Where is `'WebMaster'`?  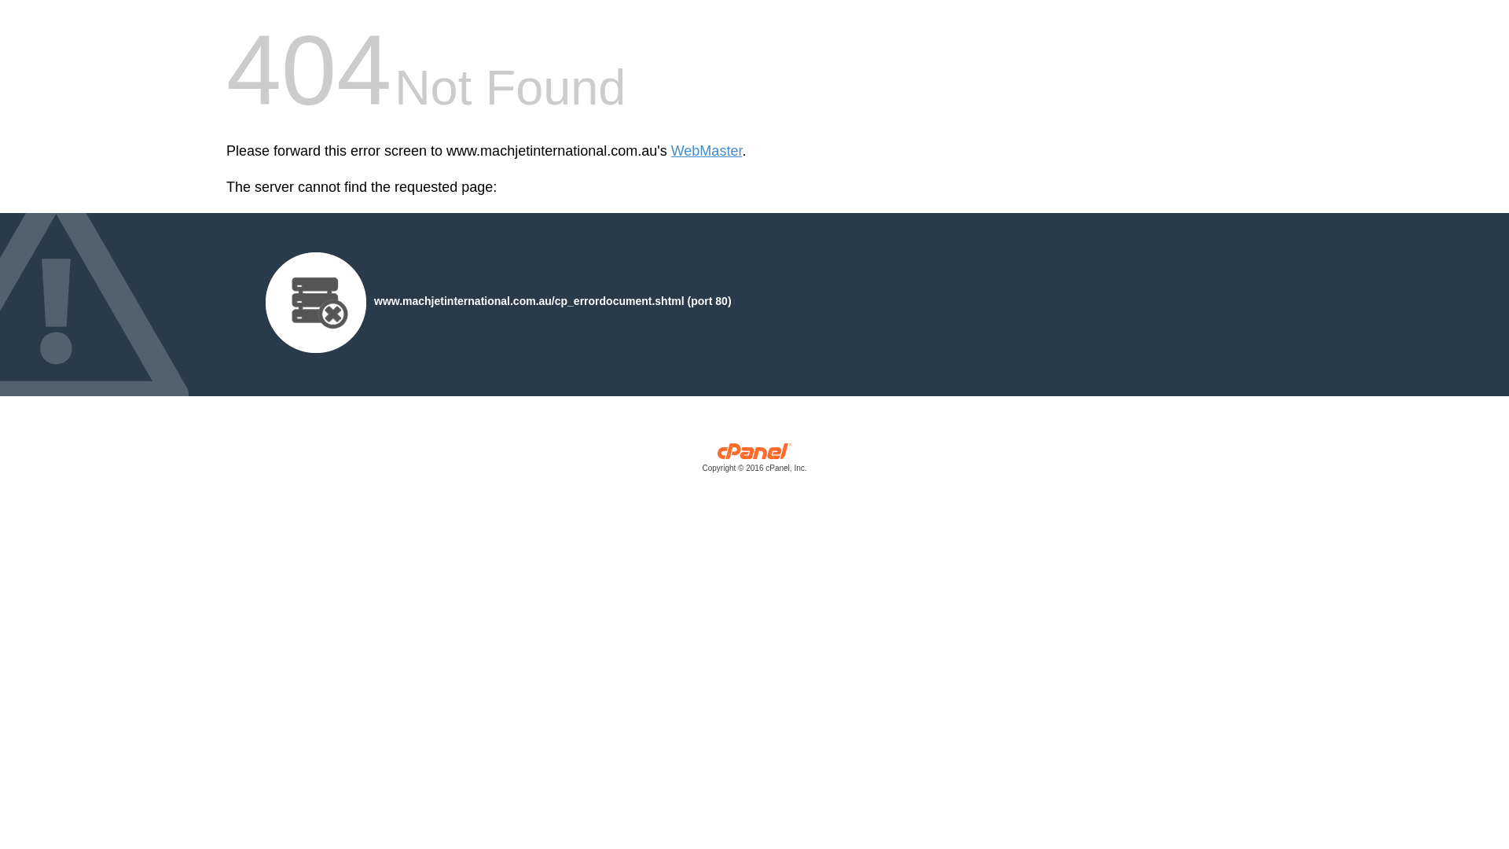
'WebMaster' is located at coordinates (706, 151).